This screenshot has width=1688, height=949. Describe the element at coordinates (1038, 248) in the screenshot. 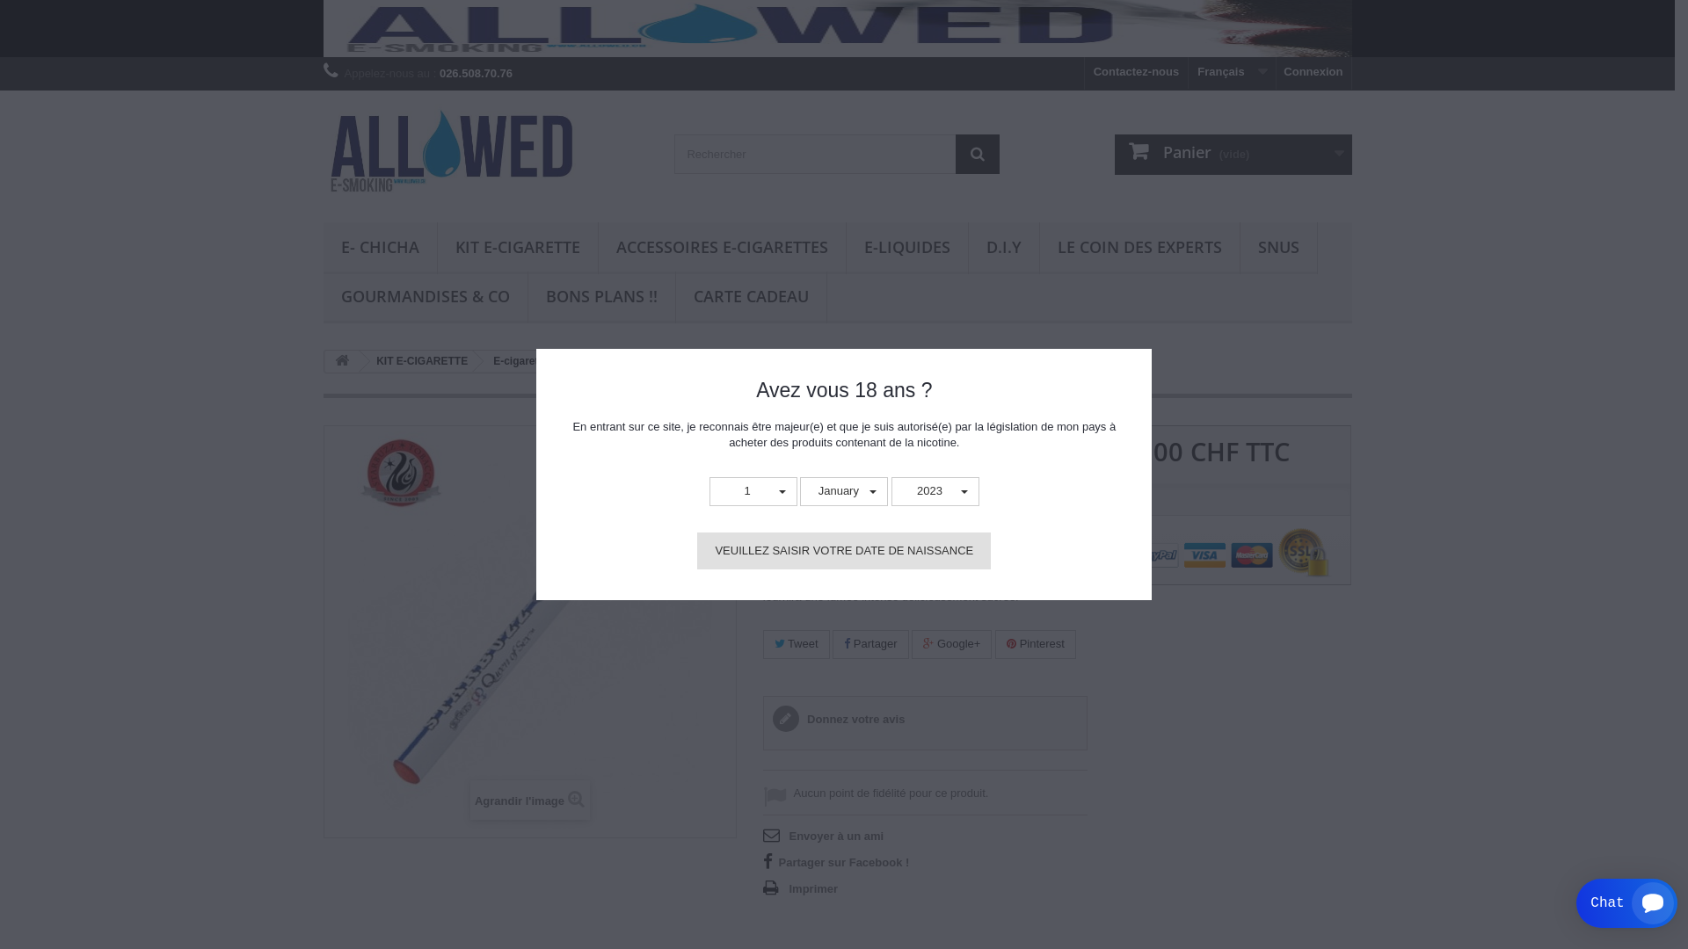

I see `'LE COIN DES EXPERTS'` at that location.